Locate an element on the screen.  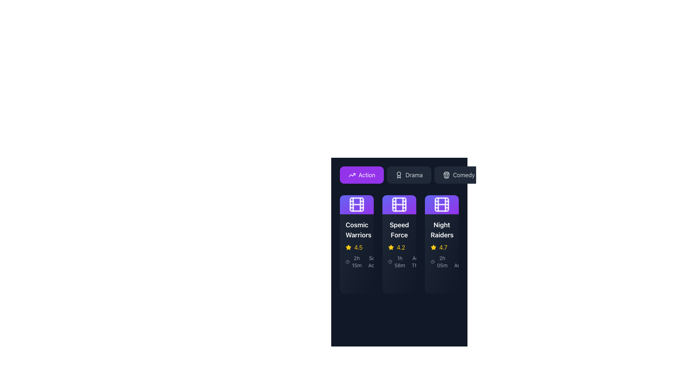
the popcorn box icon located within the 'Comedy' button in the genre selection menu is located at coordinates (446, 175).